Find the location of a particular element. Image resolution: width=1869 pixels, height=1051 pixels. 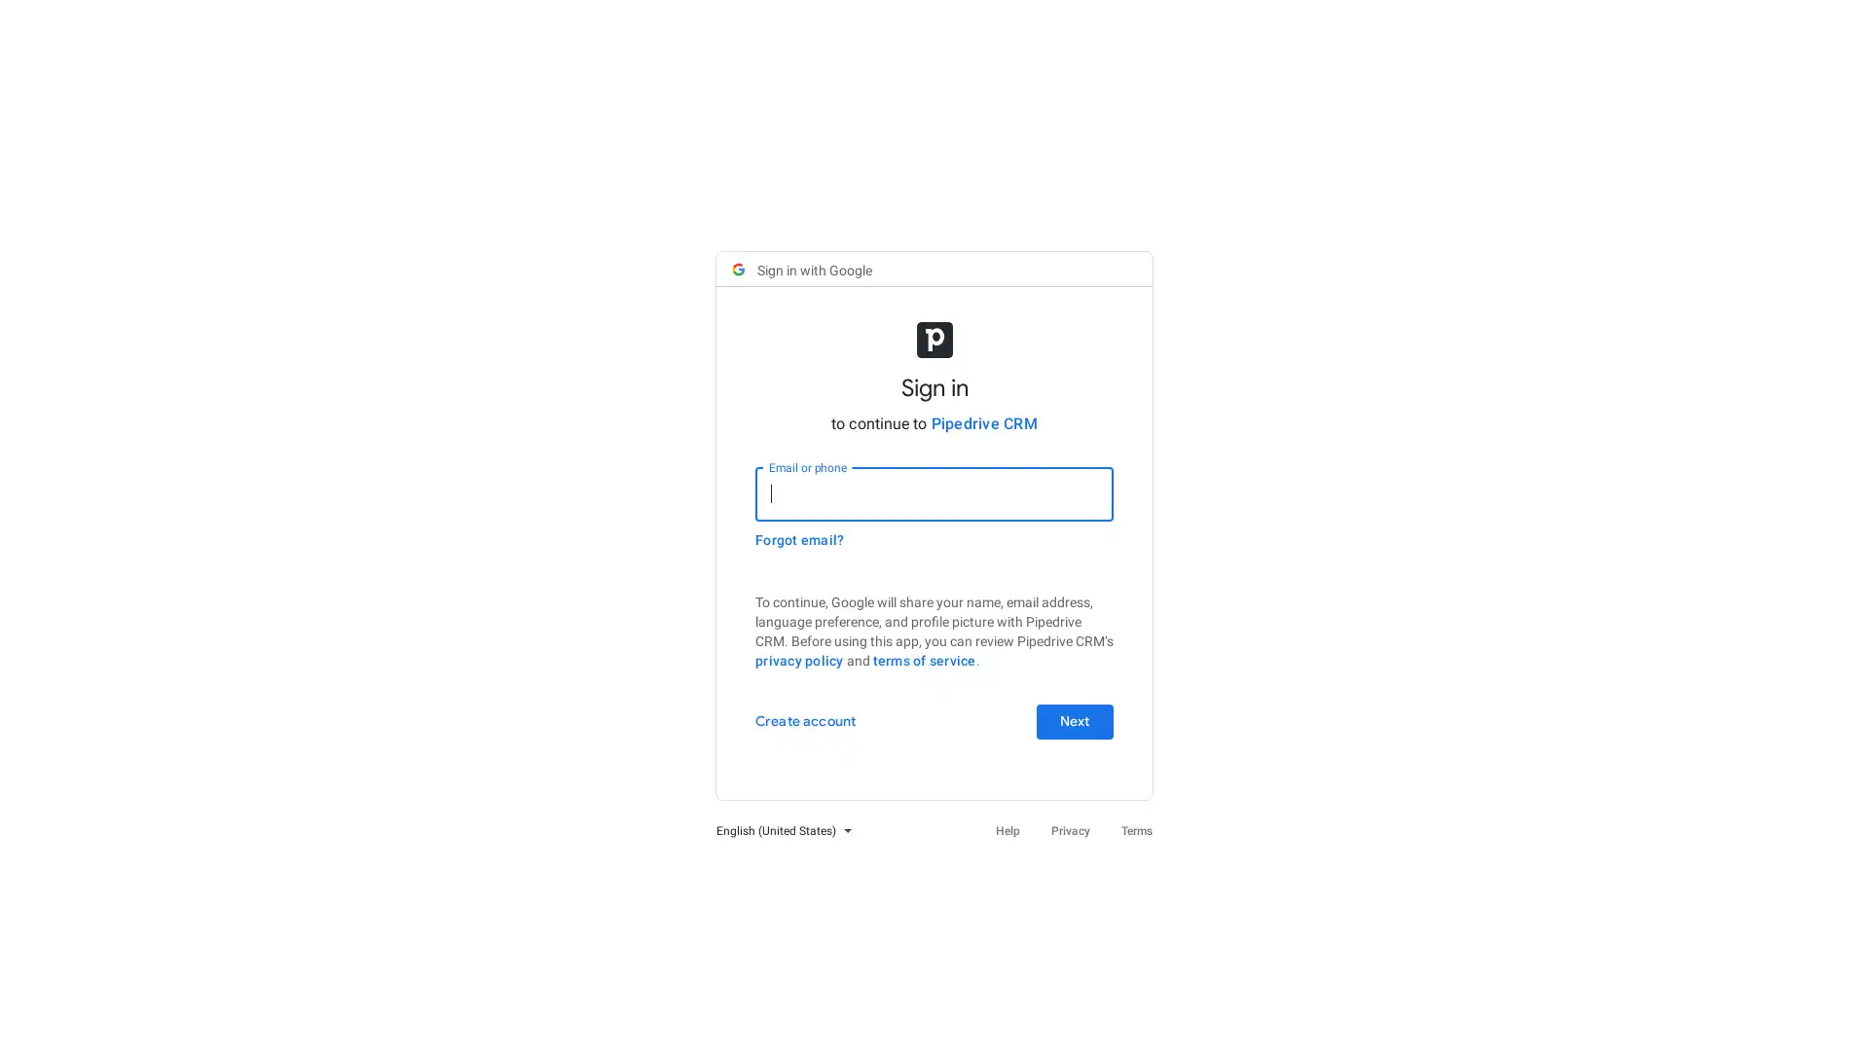

Forgot email? is located at coordinates (799, 539).